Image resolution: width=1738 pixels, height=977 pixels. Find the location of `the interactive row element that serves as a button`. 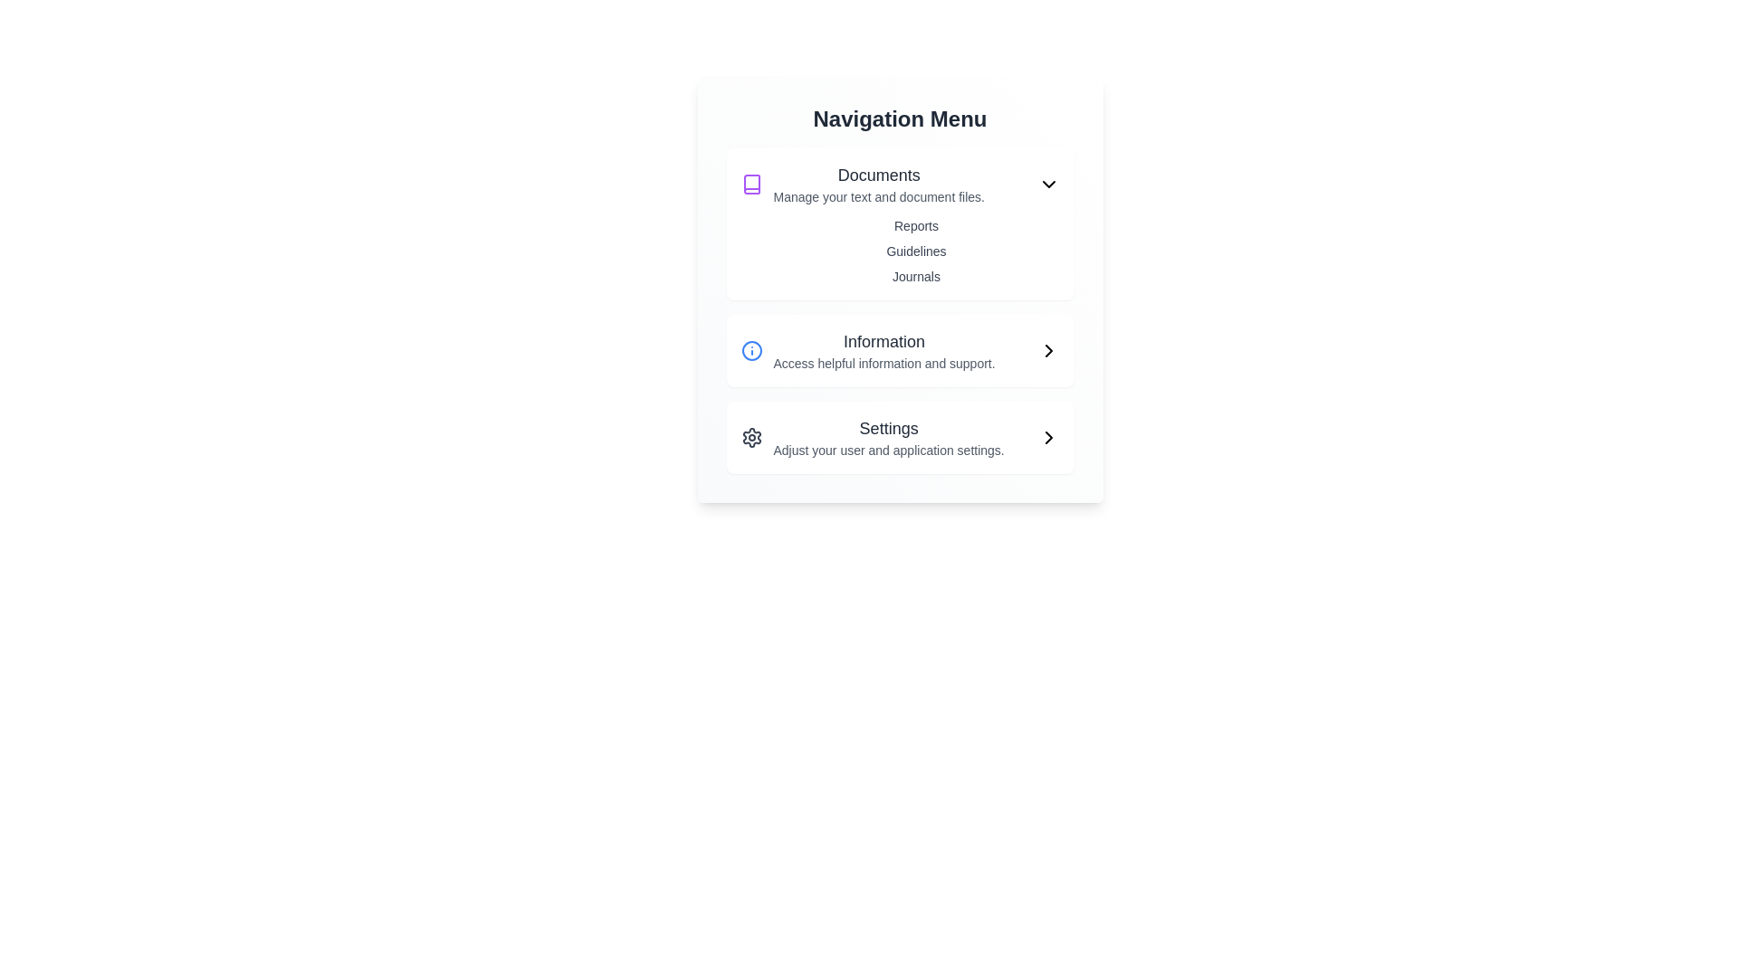

the interactive row element that serves as a button is located at coordinates (900, 437).